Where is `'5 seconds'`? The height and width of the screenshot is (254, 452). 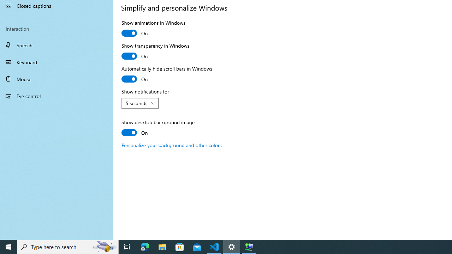
'5 seconds' is located at coordinates (137, 103).